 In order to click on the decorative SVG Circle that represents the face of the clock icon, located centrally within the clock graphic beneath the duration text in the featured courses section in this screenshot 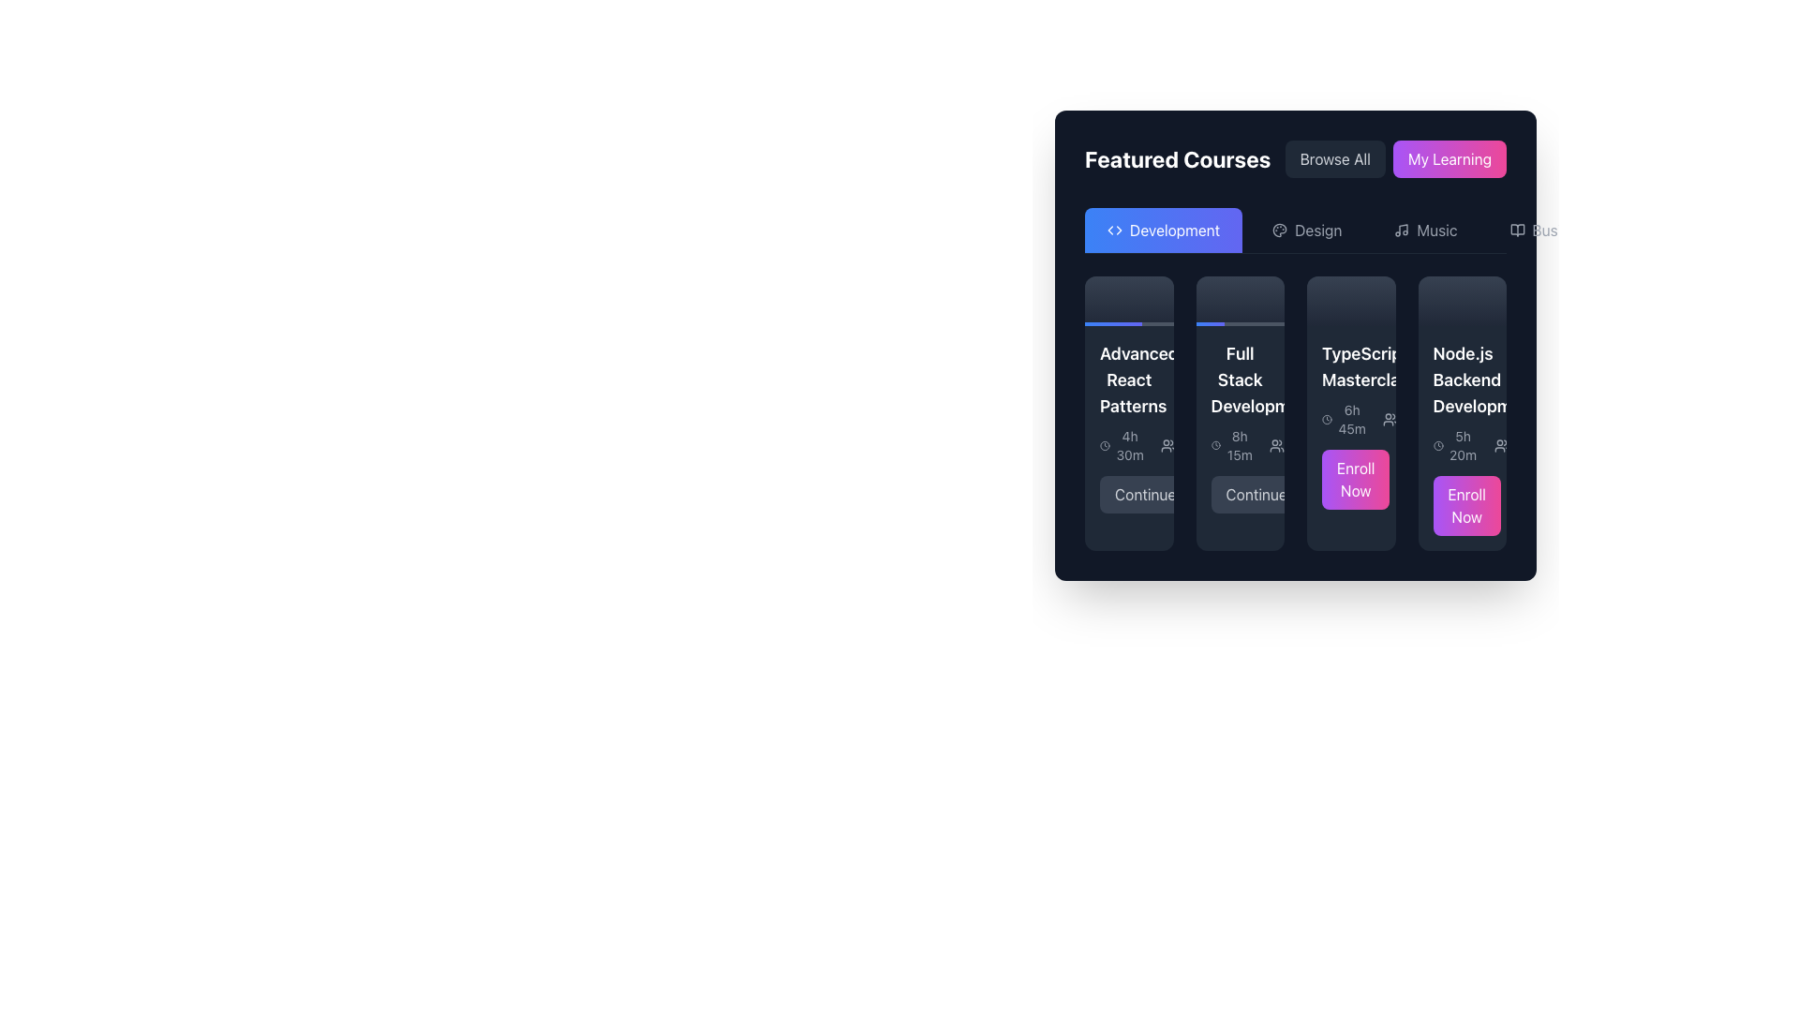, I will do `click(1215, 446)`.